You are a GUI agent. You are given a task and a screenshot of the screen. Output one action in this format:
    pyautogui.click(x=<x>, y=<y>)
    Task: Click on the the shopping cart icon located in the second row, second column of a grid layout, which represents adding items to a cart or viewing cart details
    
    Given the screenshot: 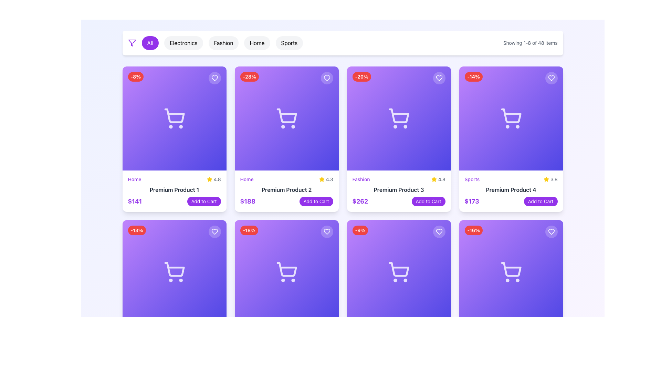 What is the action you would take?
    pyautogui.click(x=286, y=272)
    